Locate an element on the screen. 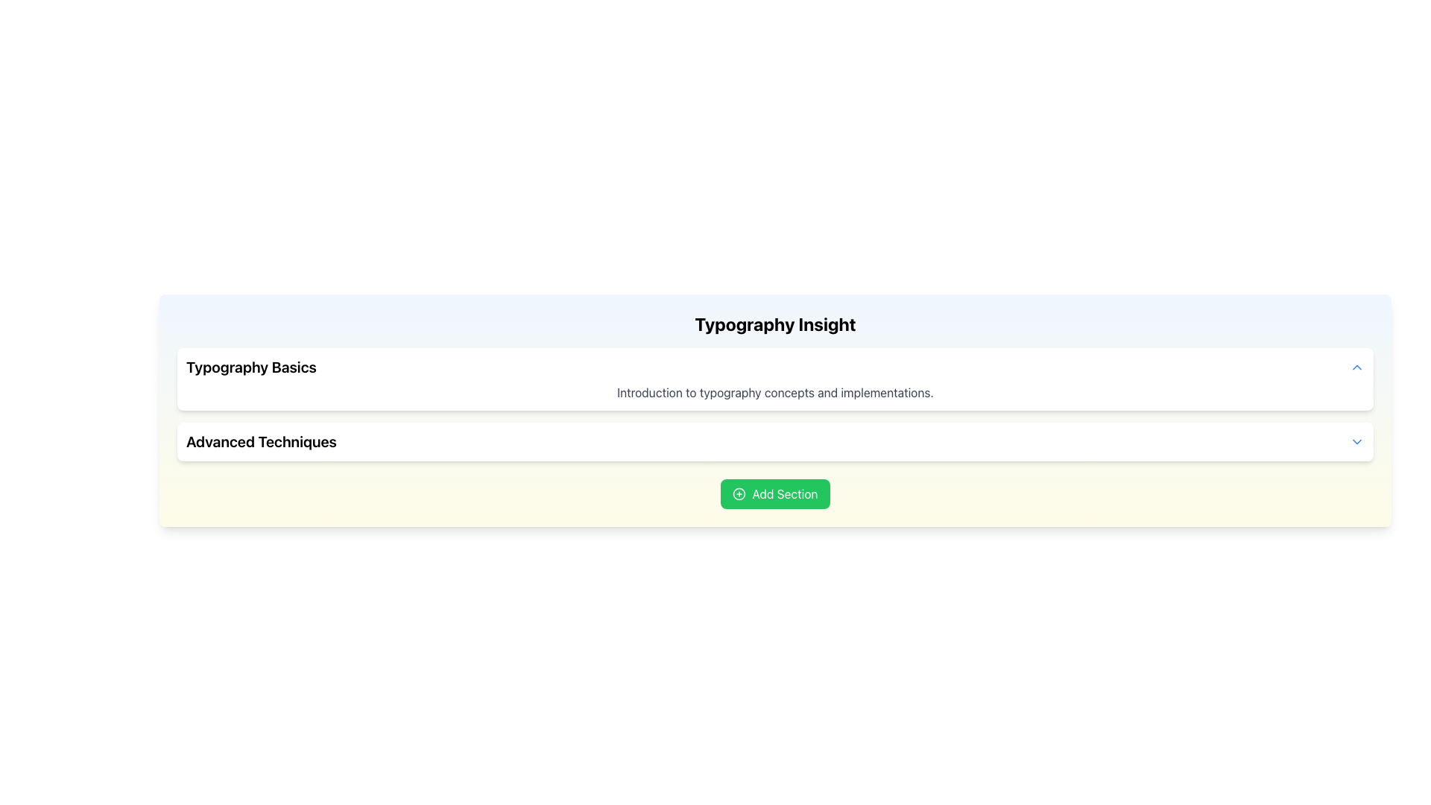 Image resolution: width=1431 pixels, height=805 pixels. the 'Add' icon located slightly to the left of the 'Add Section' button text is located at coordinates (739, 494).